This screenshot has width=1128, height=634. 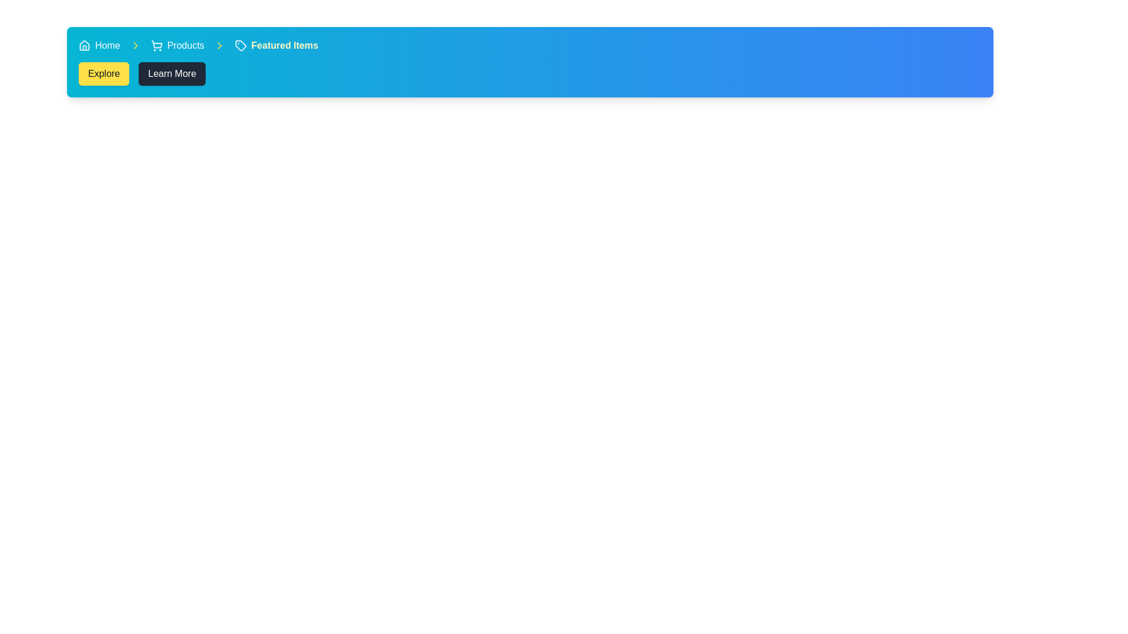 What do you see at coordinates (240, 45) in the screenshot?
I see `the small white tag icon located in the top-right of the blue navigation bar, immediately before the text 'Featured Items'` at bounding box center [240, 45].